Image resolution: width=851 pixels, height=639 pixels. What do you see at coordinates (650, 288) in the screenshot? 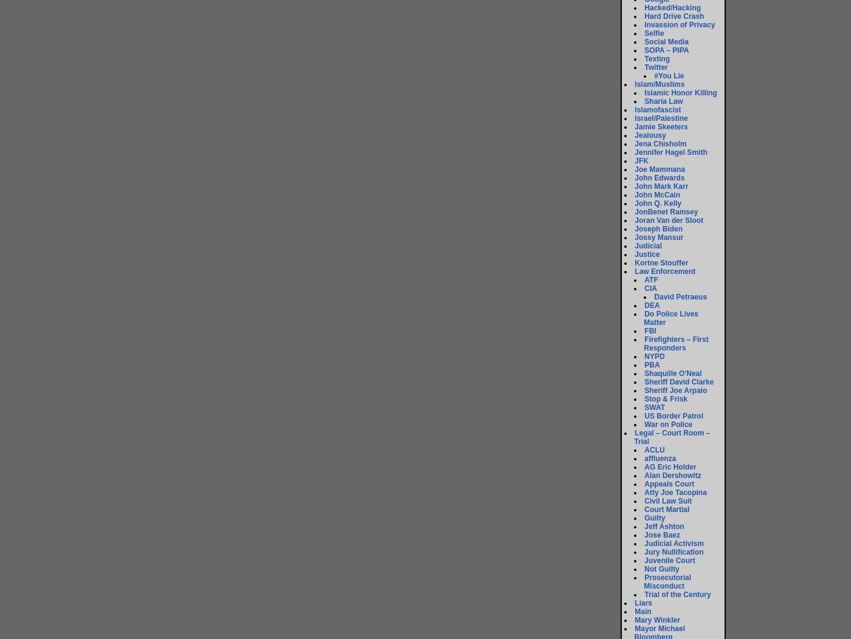
I see `'CIA'` at bounding box center [650, 288].